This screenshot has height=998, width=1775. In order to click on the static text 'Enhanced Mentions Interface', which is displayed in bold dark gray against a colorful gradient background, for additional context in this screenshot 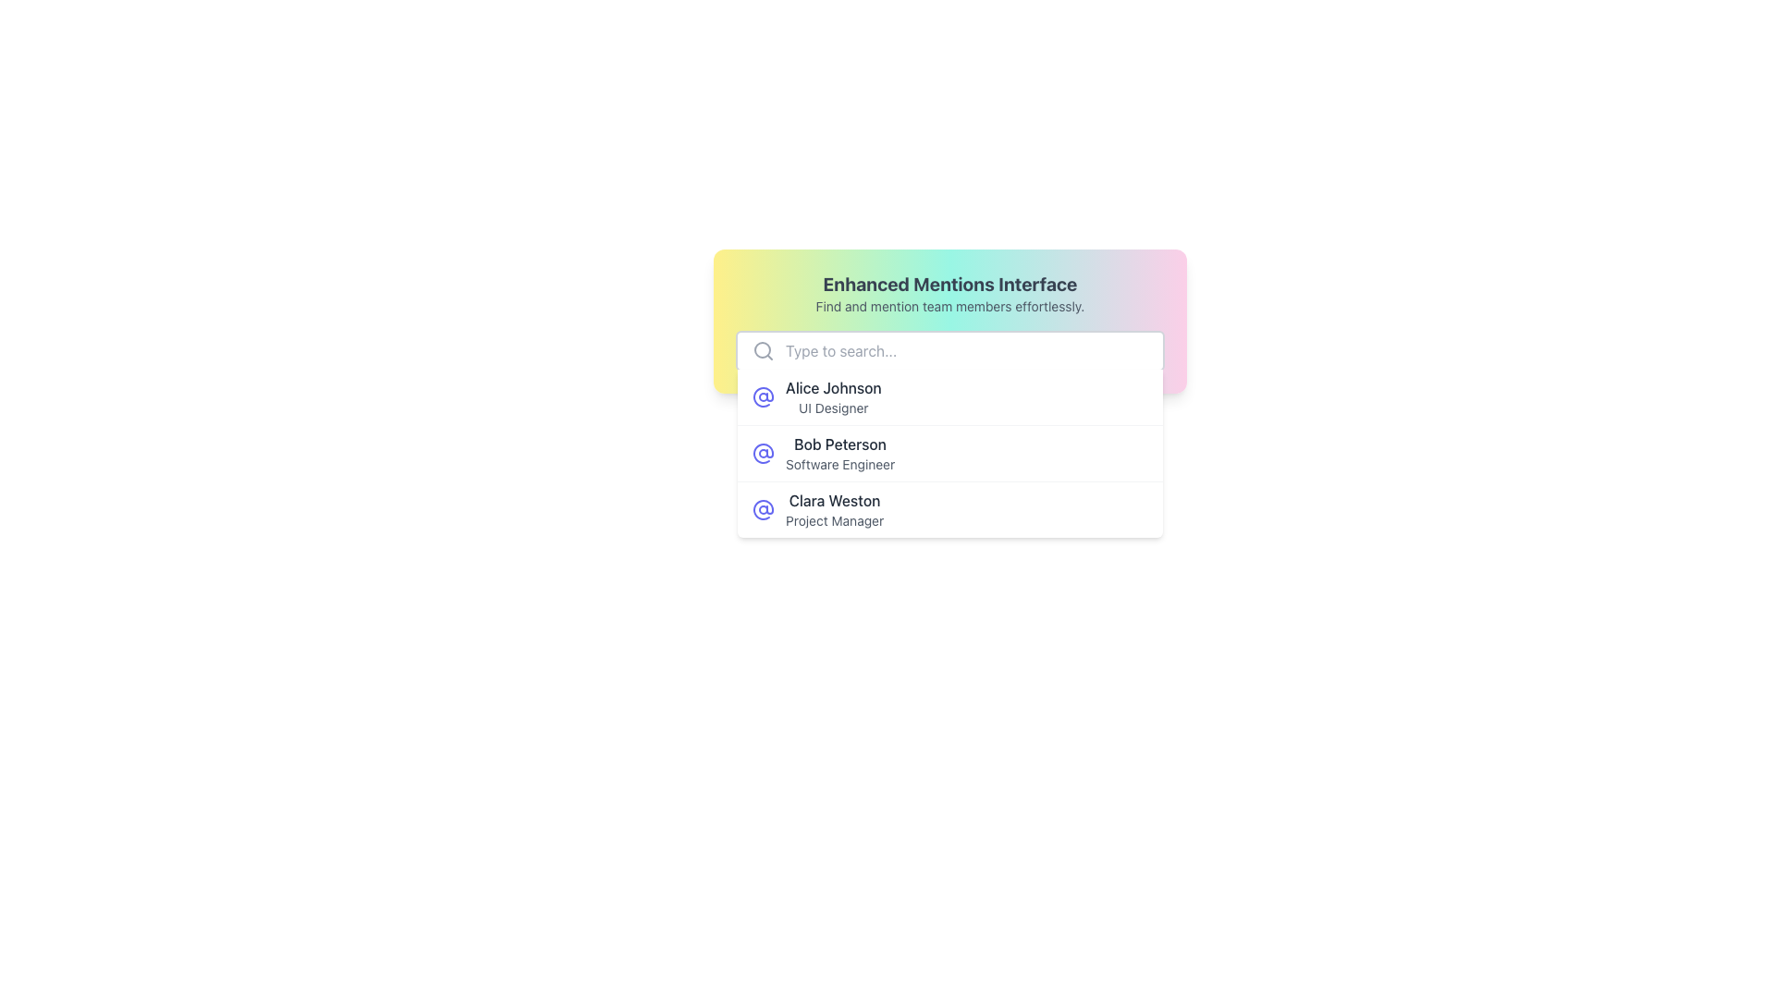, I will do `click(949, 285)`.